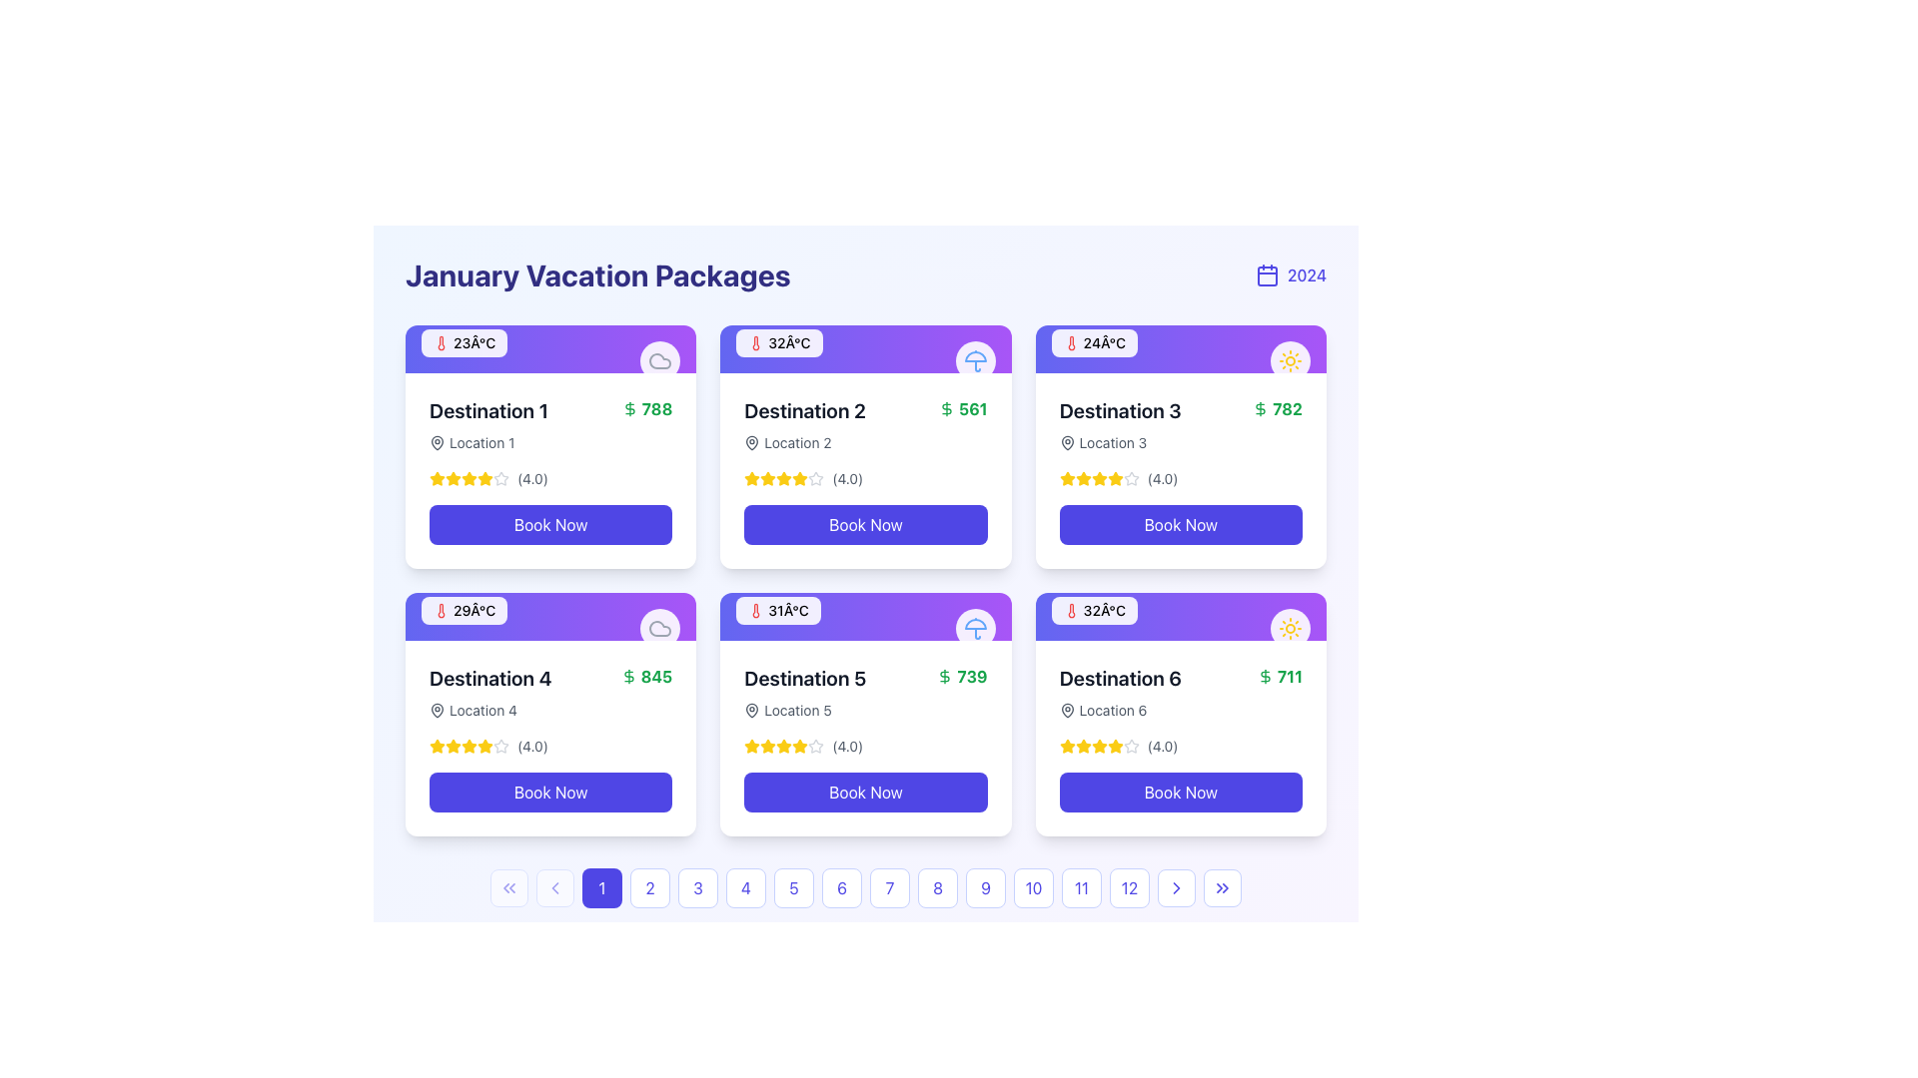 The image size is (1918, 1078). I want to click on the text label denoting the monetary value '711' associated with the 'Destination 6' vacation package, located at the bottom-right segment of its card, aligned with a green dollar icon, so click(1290, 676).